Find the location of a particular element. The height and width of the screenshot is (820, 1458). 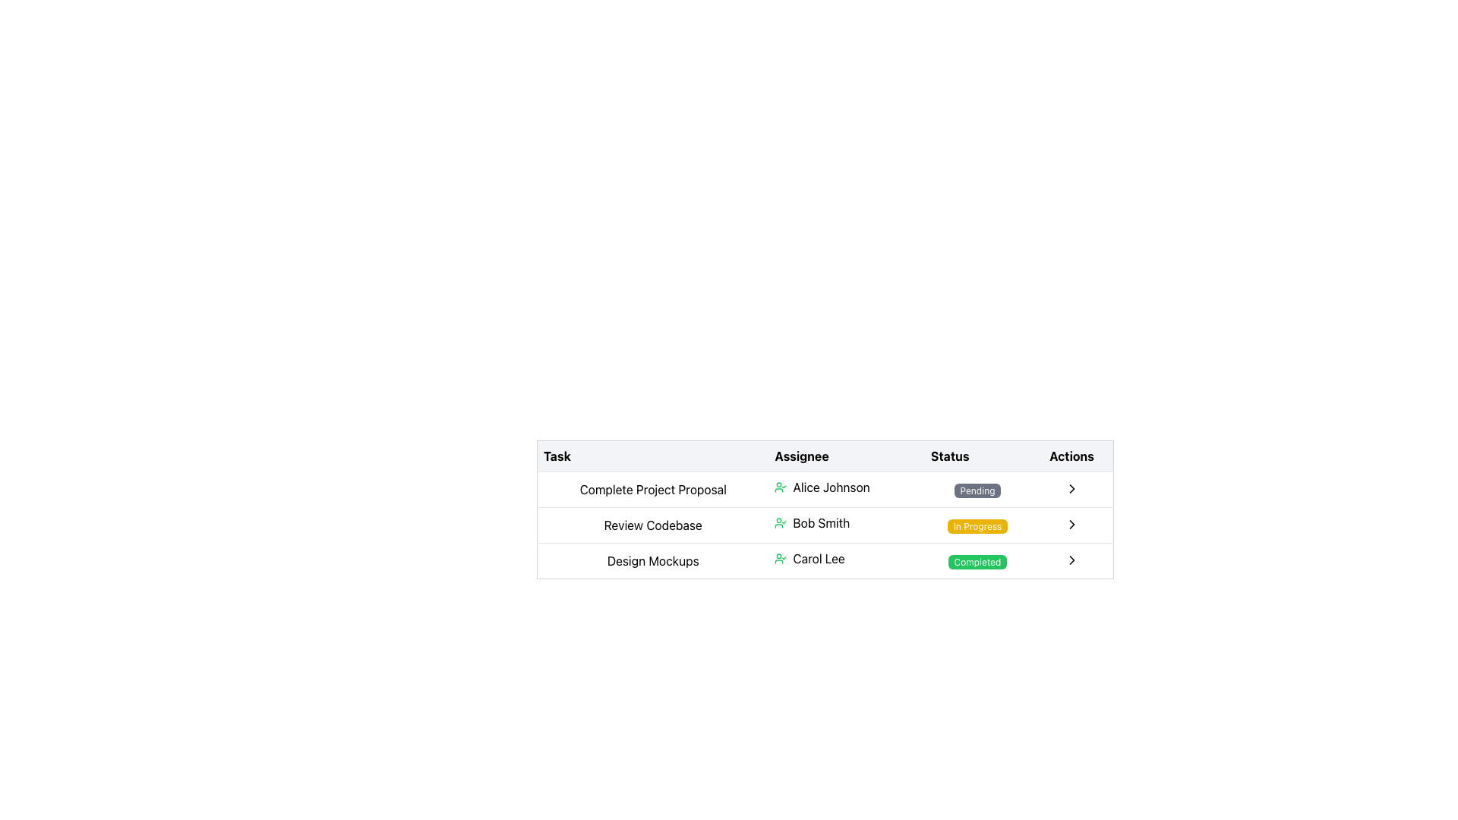

the right-pointing chevron icon button located in the 'Actions' column of the 'Complete Project Proposal' row is located at coordinates (1071, 489).